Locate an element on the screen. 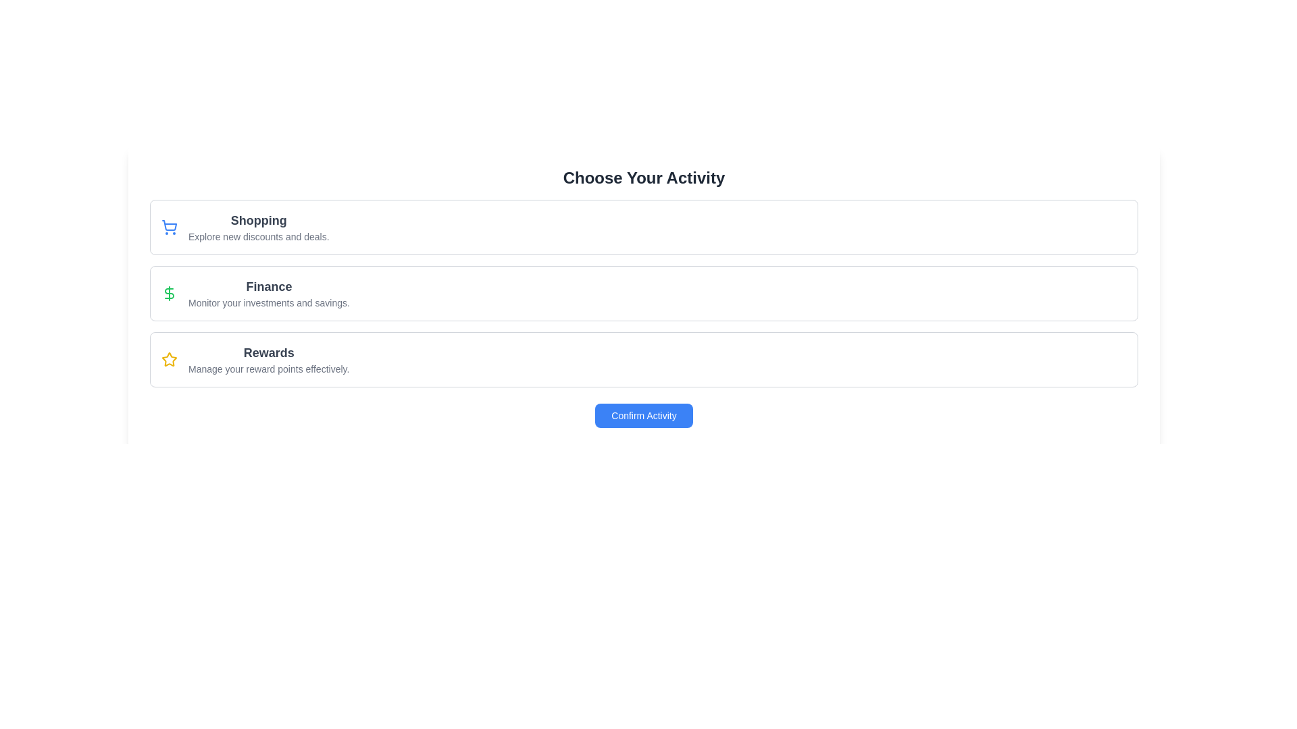 This screenshot has height=729, width=1297. the first clickable section of the shopping activities, discounts, and deals Text block for additional effects is located at coordinates (259, 226).